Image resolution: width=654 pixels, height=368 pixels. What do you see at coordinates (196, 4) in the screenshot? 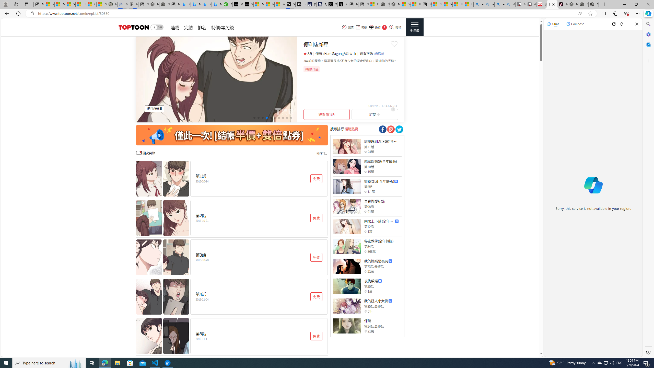
I see `'Microsoft Bing Travel - Stays in Bangkok, Bangkok, Thailand'` at bounding box center [196, 4].